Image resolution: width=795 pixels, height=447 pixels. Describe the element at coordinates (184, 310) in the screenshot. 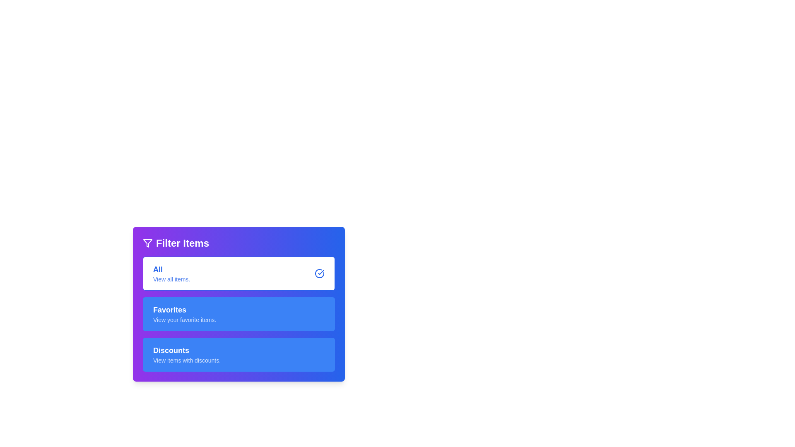

I see `the 'Favorites' section header text, which is a bold label indicating the user's favorite items, located in the middle of the blue sidebar between 'All' and 'Discounts'` at that location.